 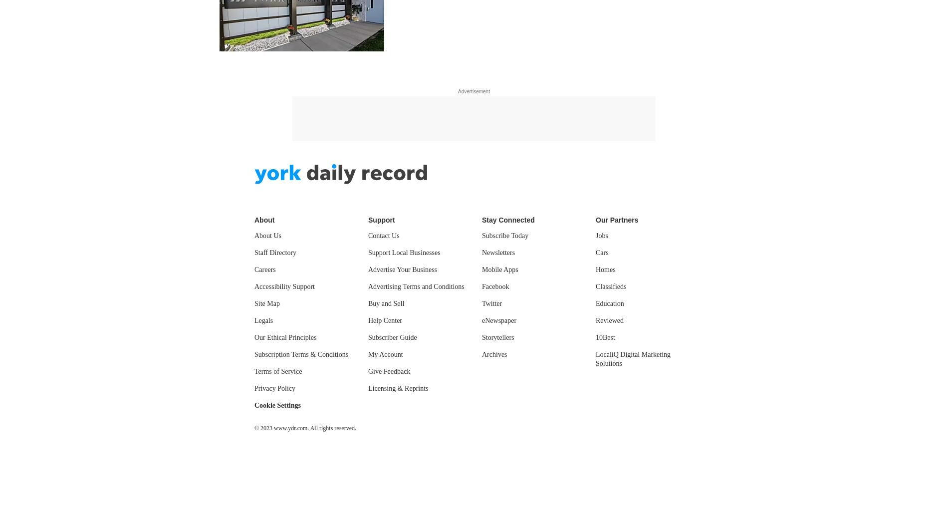 What do you see at coordinates (254, 405) in the screenshot?
I see `'Cookie Settings'` at bounding box center [254, 405].